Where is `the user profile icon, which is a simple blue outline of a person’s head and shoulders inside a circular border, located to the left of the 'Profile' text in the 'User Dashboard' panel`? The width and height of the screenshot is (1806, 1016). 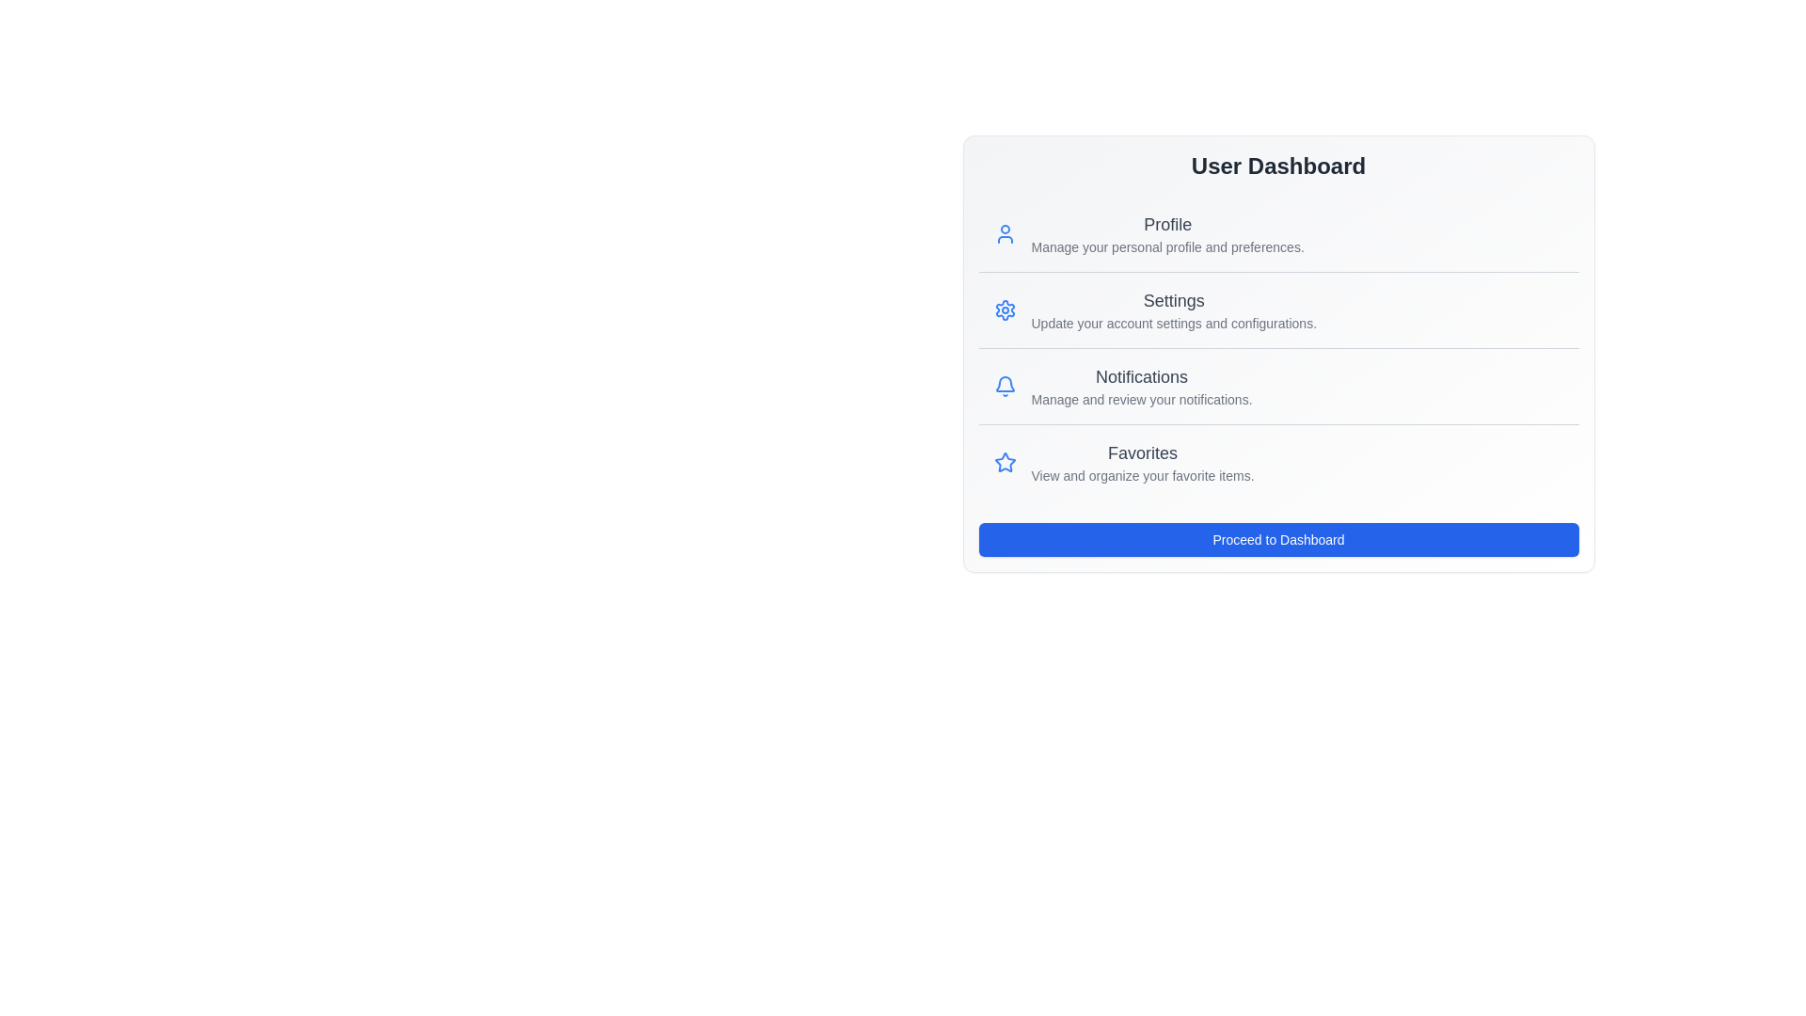 the user profile icon, which is a simple blue outline of a person’s head and shoulders inside a circular border, located to the left of the 'Profile' text in the 'User Dashboard' panel is located at coordinates (1004, 233).